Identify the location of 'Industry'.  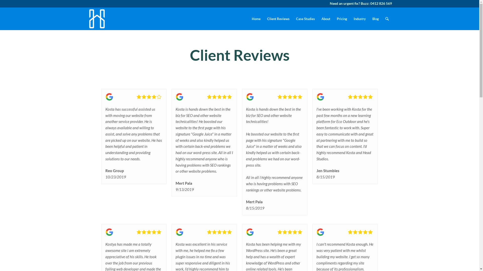
(350, 18).